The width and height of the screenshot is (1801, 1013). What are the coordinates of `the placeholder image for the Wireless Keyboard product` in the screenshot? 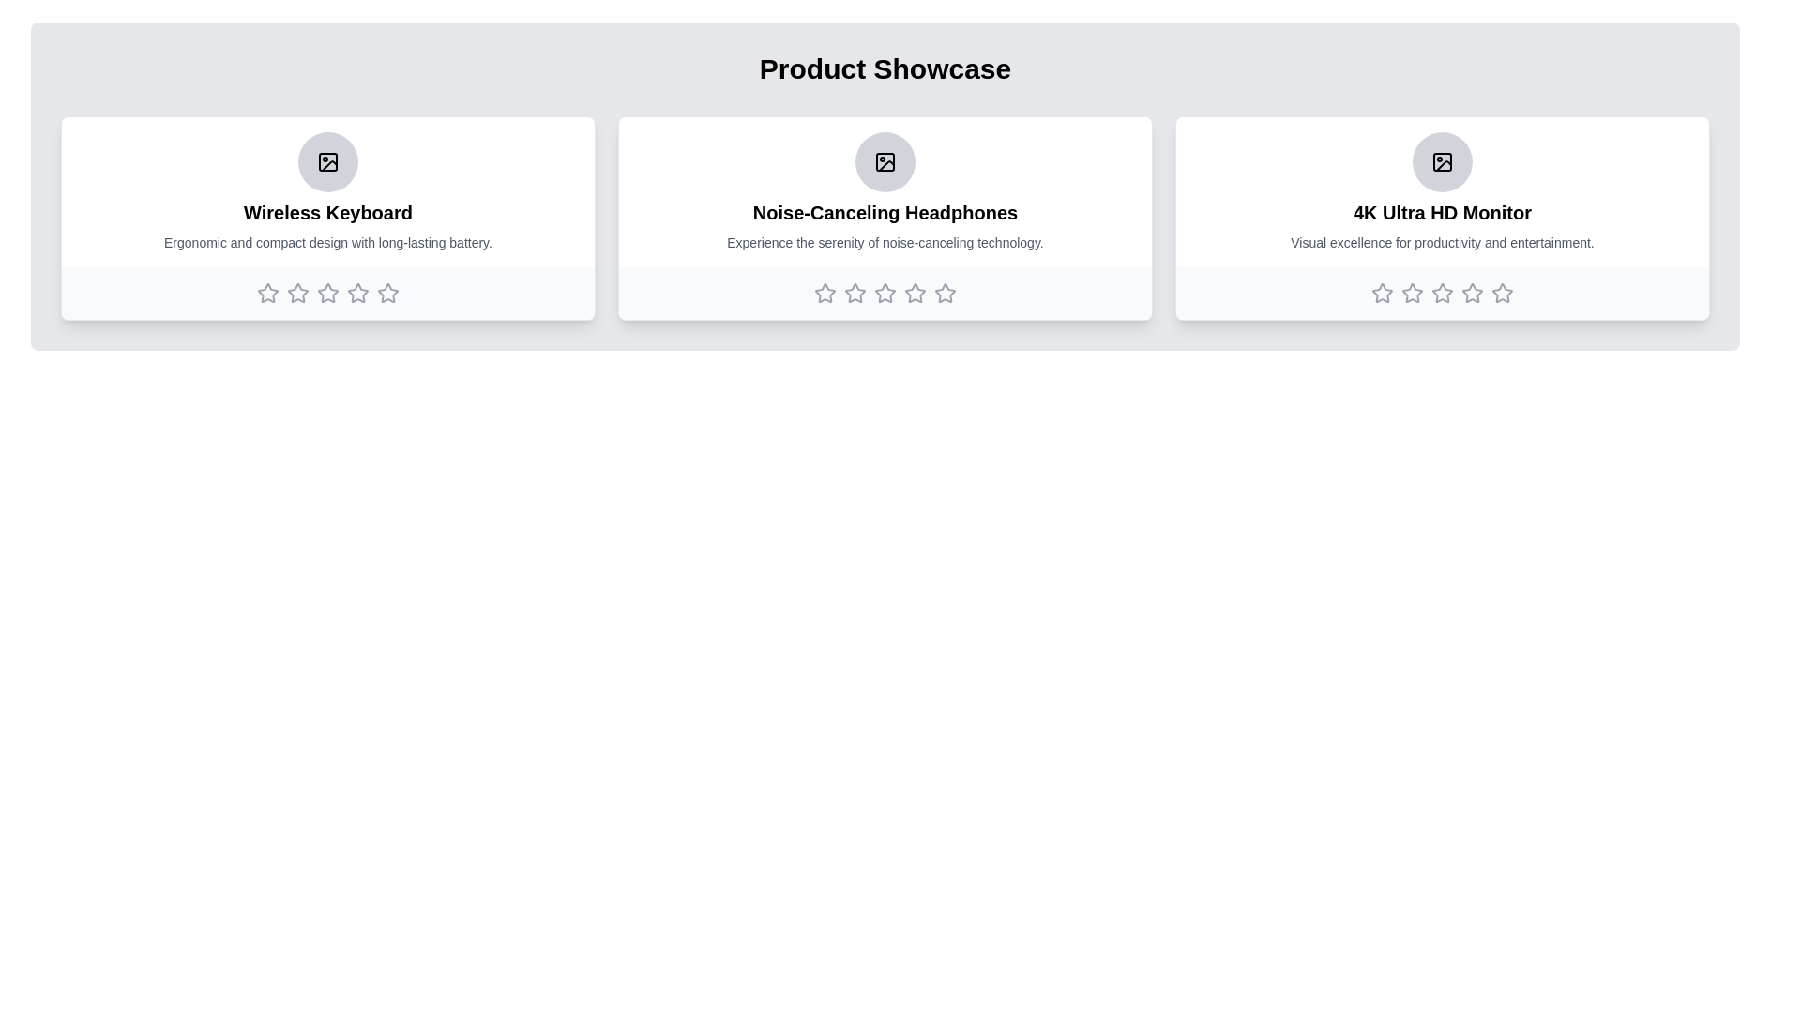 It's located at (328, 161).